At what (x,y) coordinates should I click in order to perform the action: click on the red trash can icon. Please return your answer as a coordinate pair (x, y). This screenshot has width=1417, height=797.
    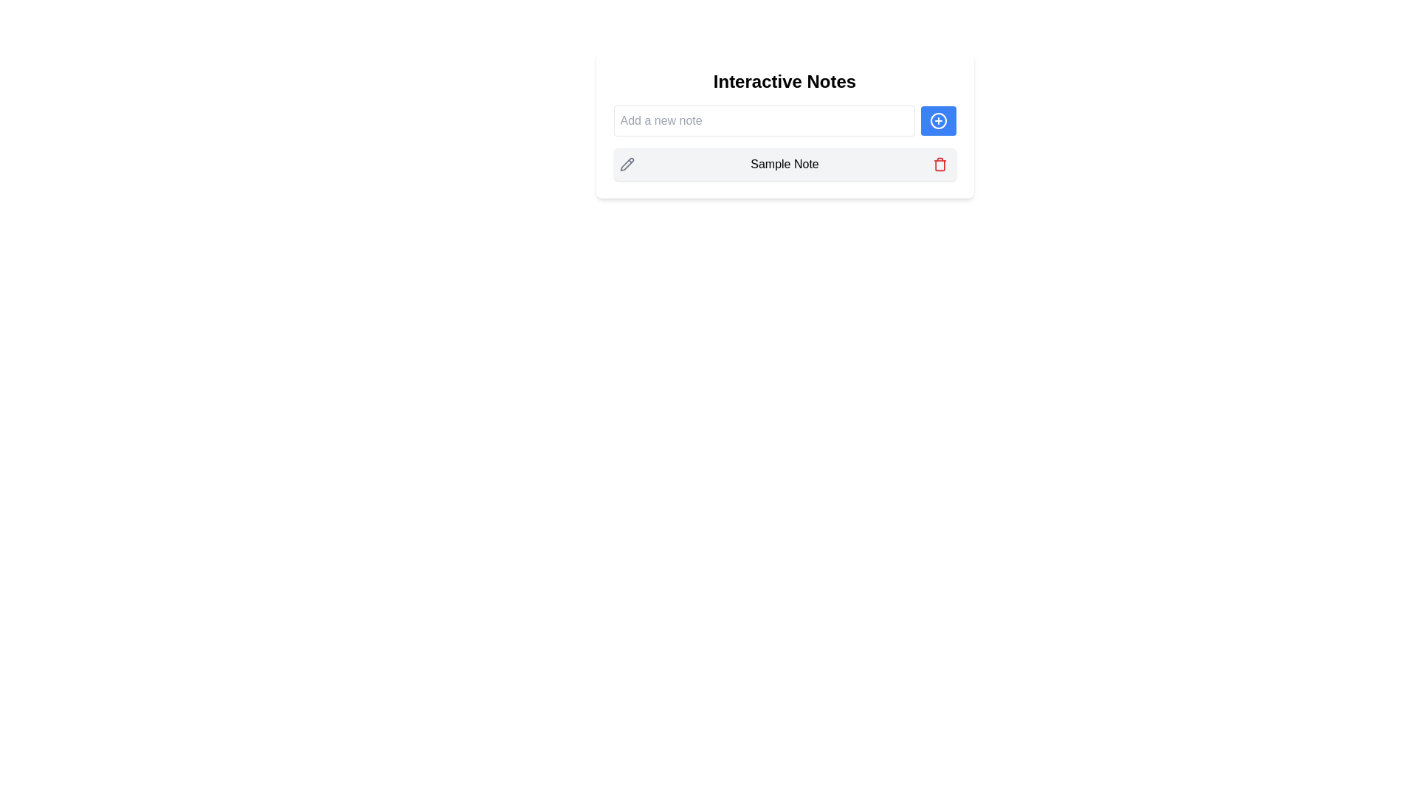
    Looking at the image, I should click on (939, 165).